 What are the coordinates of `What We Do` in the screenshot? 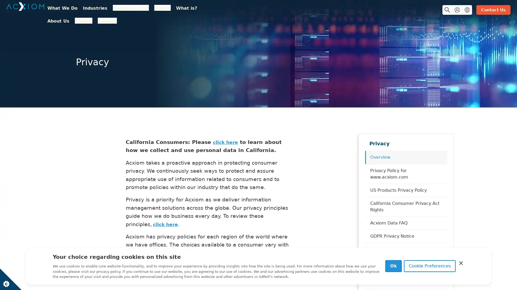 It's located at (69, 11).